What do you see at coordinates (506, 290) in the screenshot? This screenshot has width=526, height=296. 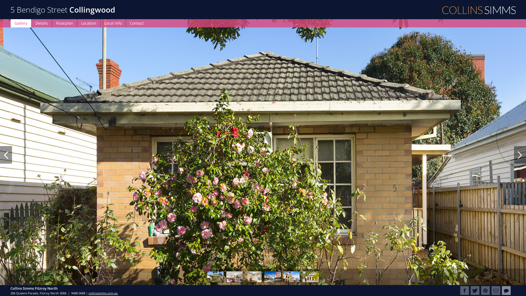 I see `'Contact Collins Simms Fitzroy North'` at bounding box center [506, 290].